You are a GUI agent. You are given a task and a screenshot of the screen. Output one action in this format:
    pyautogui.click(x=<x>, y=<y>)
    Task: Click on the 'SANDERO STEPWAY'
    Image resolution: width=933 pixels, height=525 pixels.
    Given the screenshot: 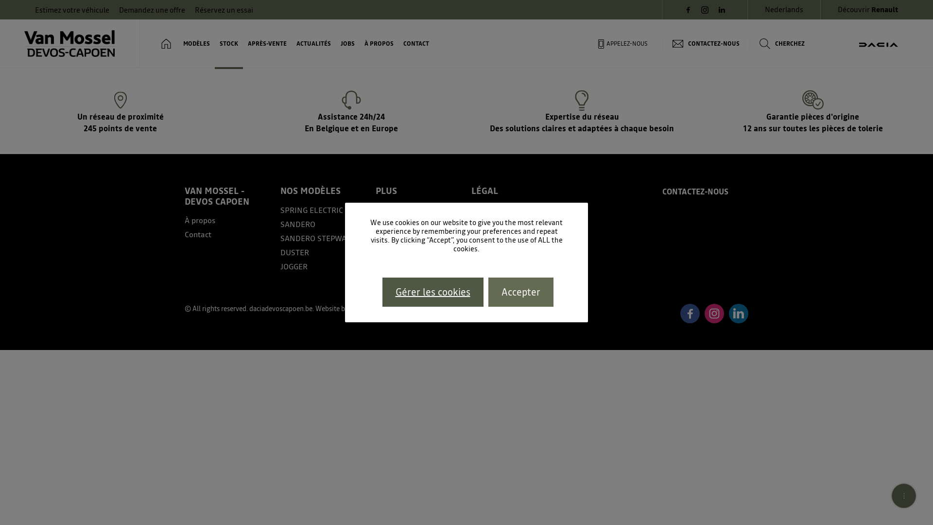 What is the action you would take?
    pyautogui.click(x=323, y=238)
    